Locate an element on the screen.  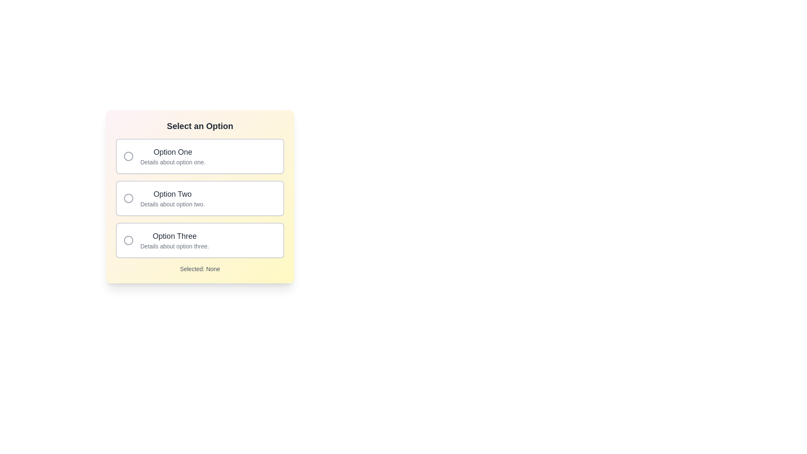
the radio button for 'Option Three', which is the third selectable option in the list is located at coordinates (199, 240).